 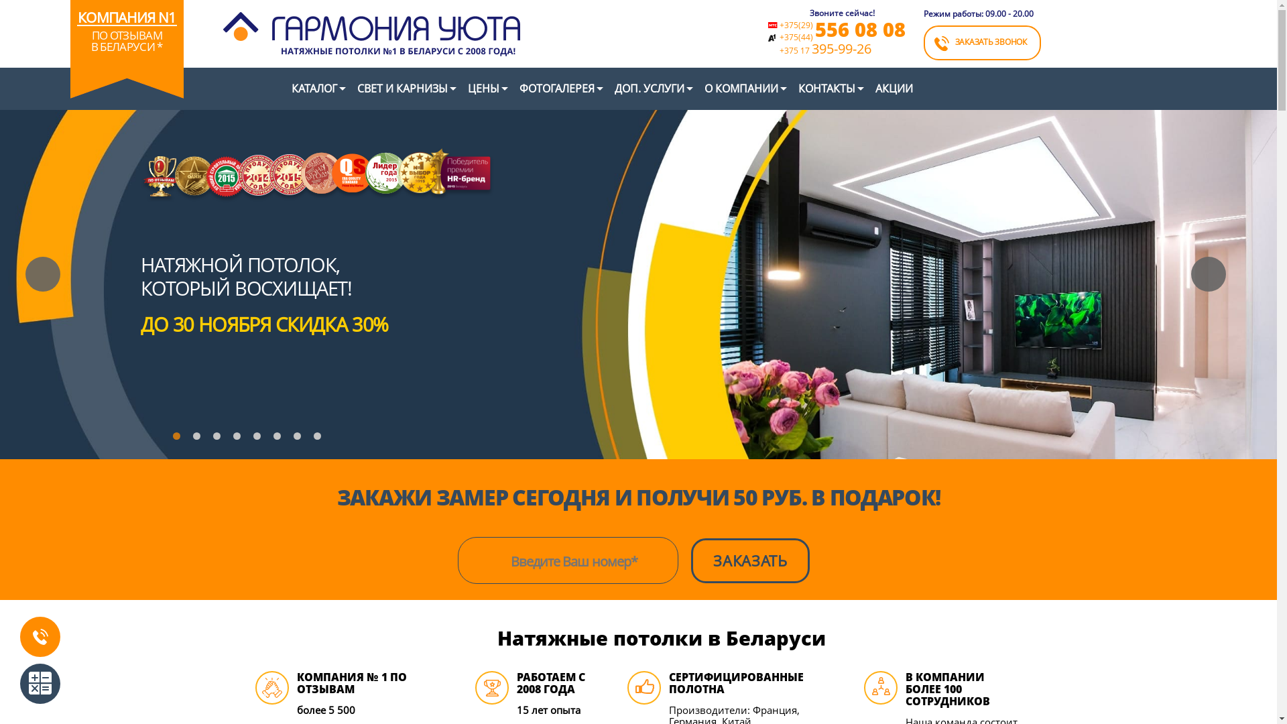 I want to click on '1', so click(x=179, y=439).